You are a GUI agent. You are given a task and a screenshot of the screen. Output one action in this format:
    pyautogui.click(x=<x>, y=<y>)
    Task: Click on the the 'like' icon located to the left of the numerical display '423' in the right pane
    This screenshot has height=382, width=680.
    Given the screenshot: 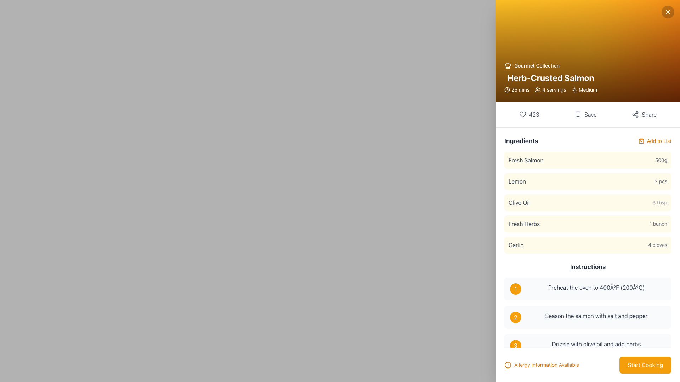 What is the action you would take?
    pyautogui.click(x=522, y=114)
    